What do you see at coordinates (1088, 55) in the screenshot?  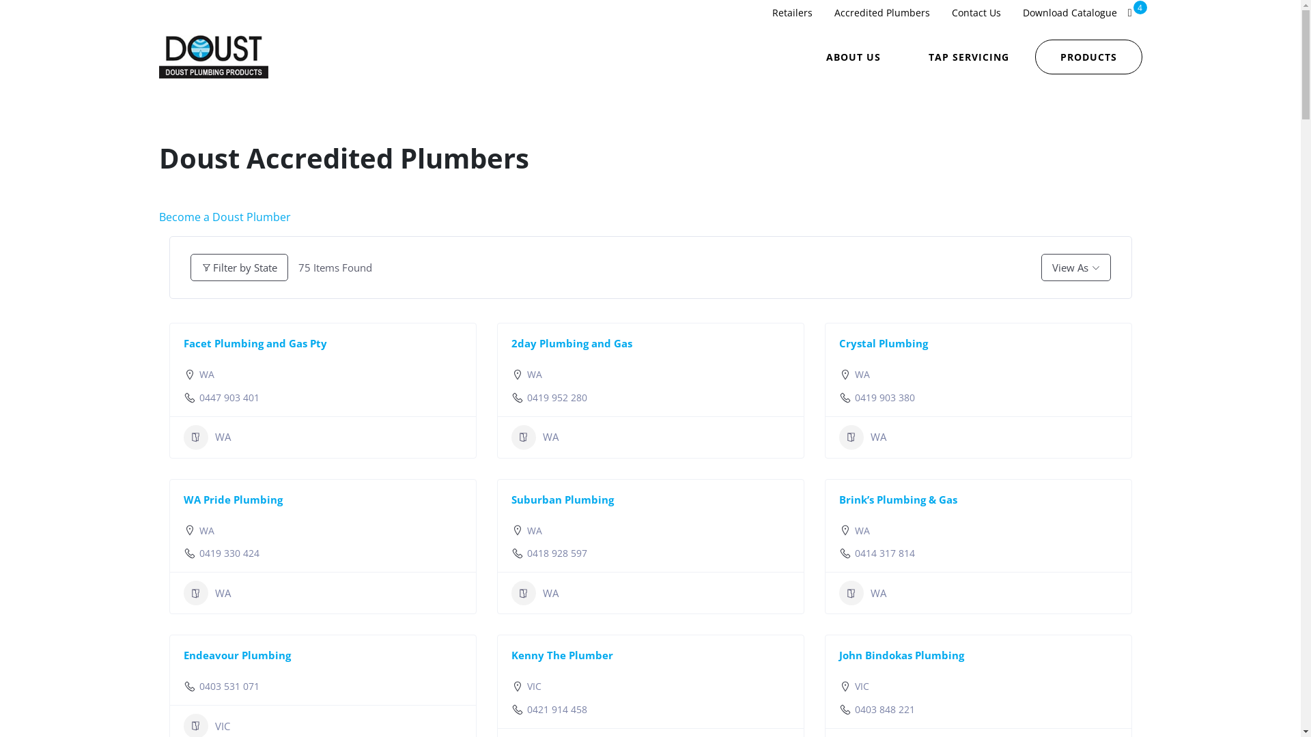 I see `'PRODUCTS'` at bounding box center [1088, 55].